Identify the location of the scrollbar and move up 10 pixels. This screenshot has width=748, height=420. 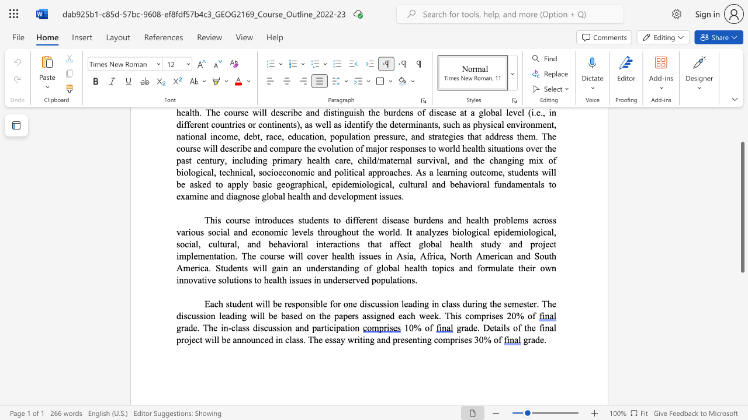
(742, 206).